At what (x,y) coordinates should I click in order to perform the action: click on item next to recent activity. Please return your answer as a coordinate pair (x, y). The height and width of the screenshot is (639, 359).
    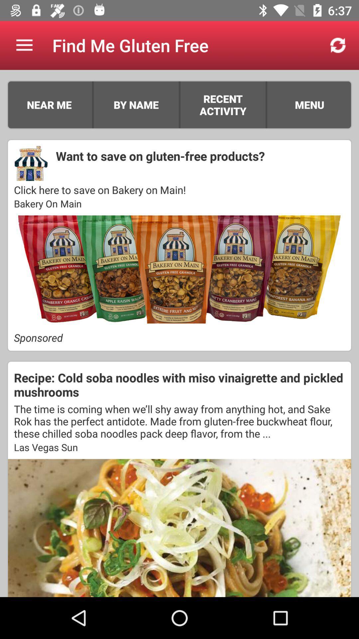
    Looking at the image, I should click on (179, 105).